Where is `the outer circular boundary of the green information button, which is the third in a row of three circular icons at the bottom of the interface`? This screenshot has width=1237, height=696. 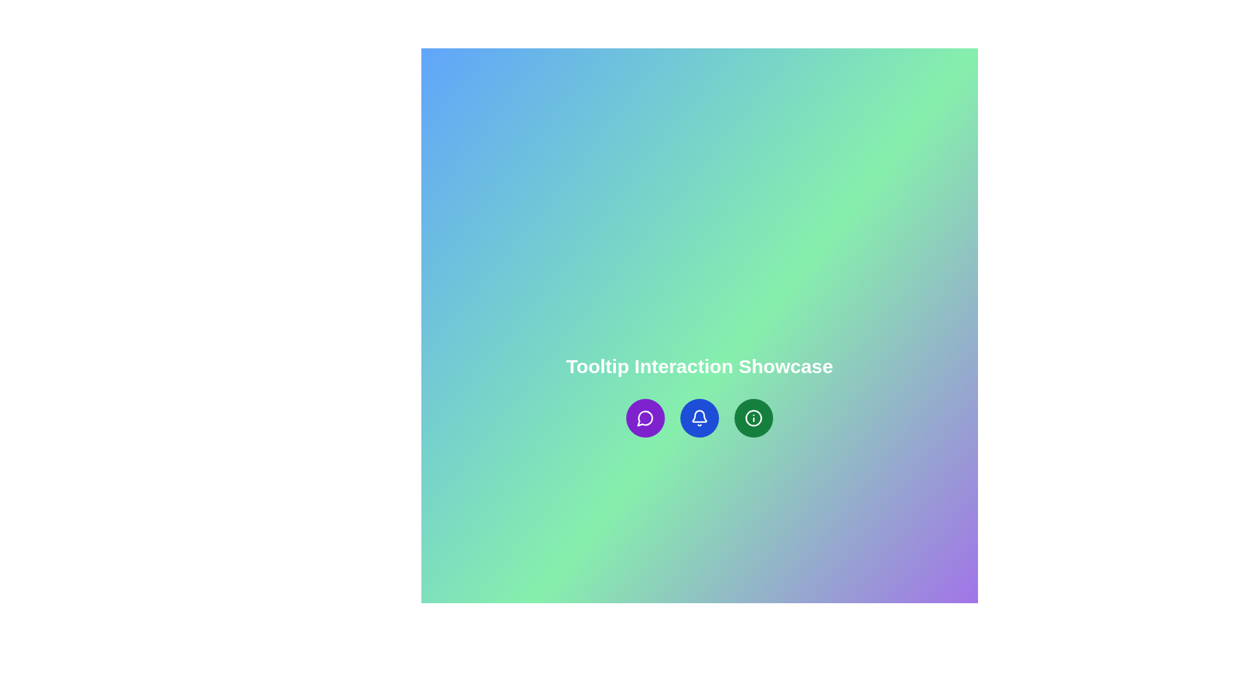 the outer circular boundary of the green information button, which is the third in a row of three circular icons at the bottom of the interface is located at coordinates (754, 418).